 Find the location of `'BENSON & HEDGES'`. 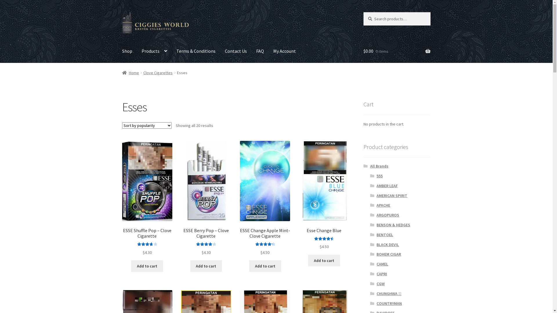

'BENSON & HEDGES' is located at coordinates (376, 224).